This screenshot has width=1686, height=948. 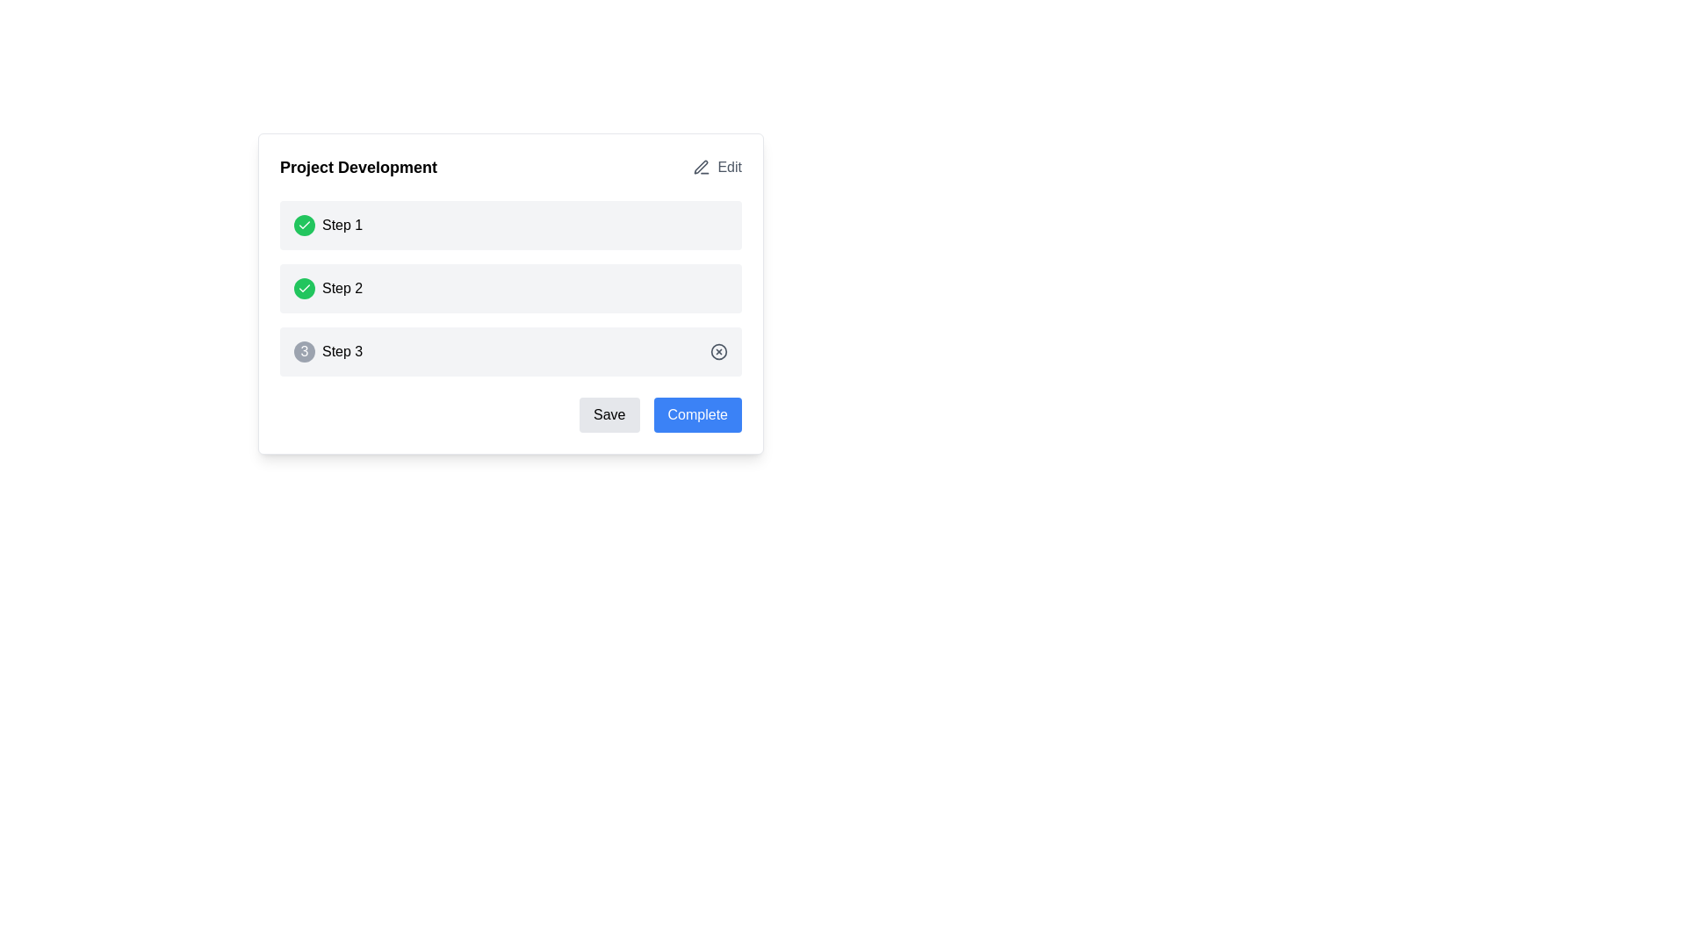 I want to click on the text label indicating the edit function for the 'Project Development' panel, positioned to the right of the pencil icon in the top-right corner, so click(x=730, y=168).